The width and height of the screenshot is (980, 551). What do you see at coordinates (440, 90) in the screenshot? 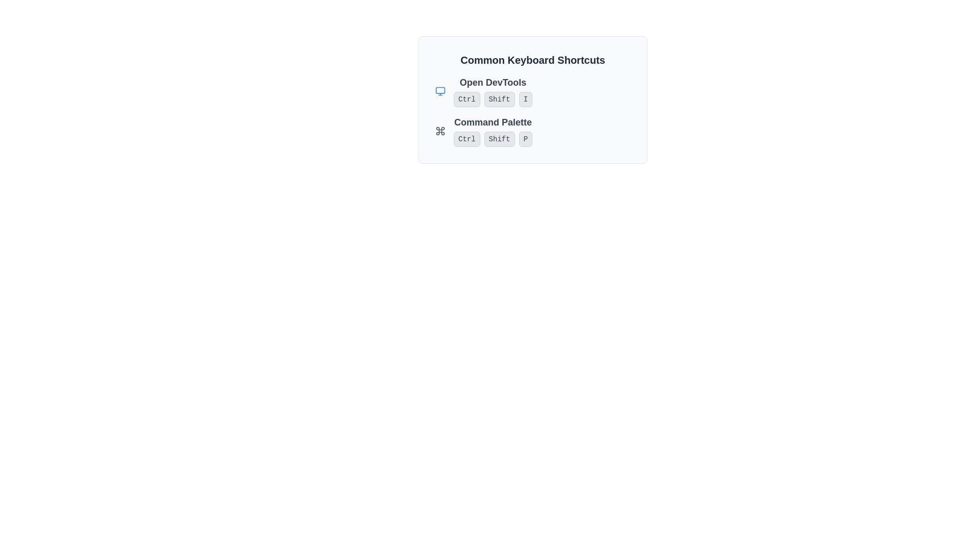
I see `the blue computer monitor icon located at the left end of the row labeled 'Open DevTools'` at bounding box center [440, 90].